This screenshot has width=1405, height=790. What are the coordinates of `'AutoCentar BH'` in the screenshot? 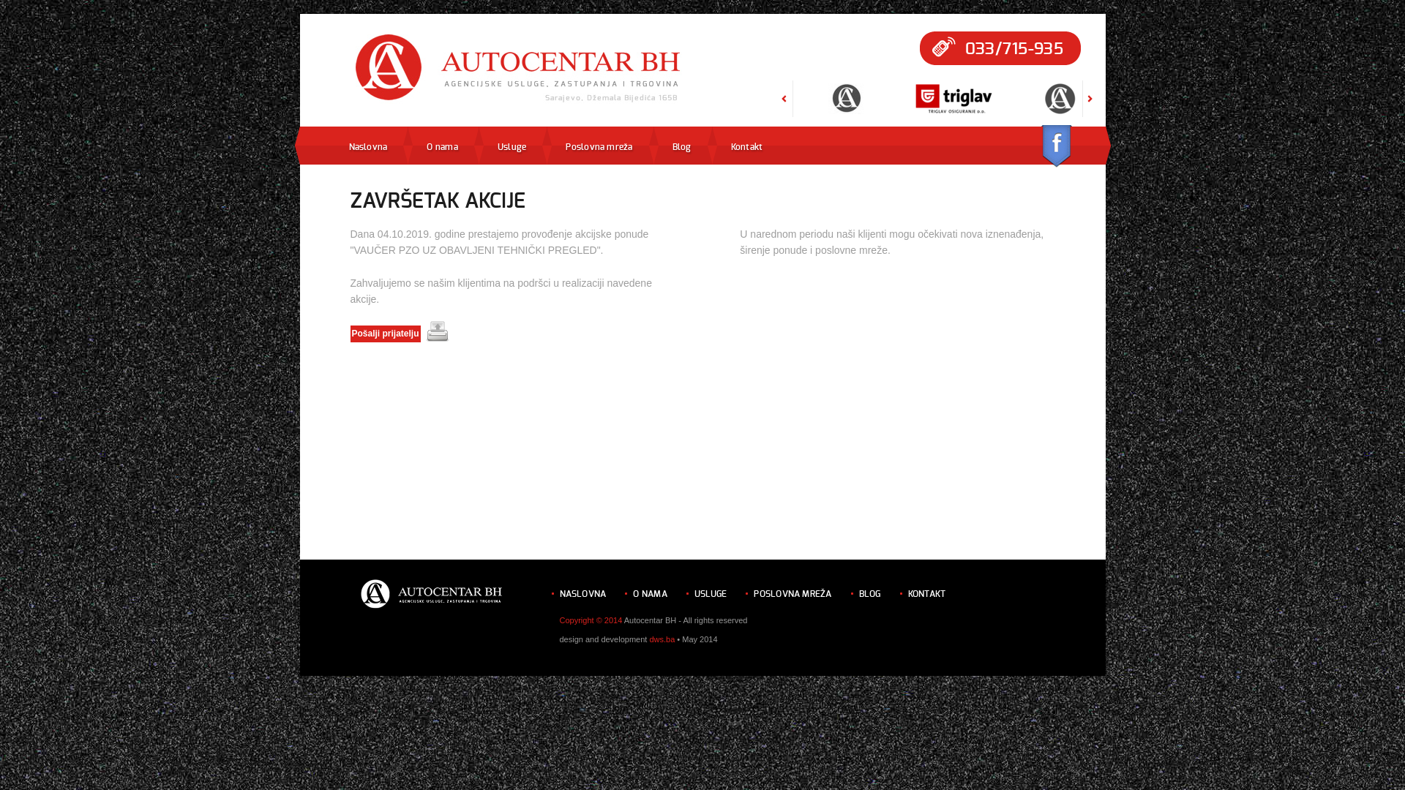 It's located at (519, 69).